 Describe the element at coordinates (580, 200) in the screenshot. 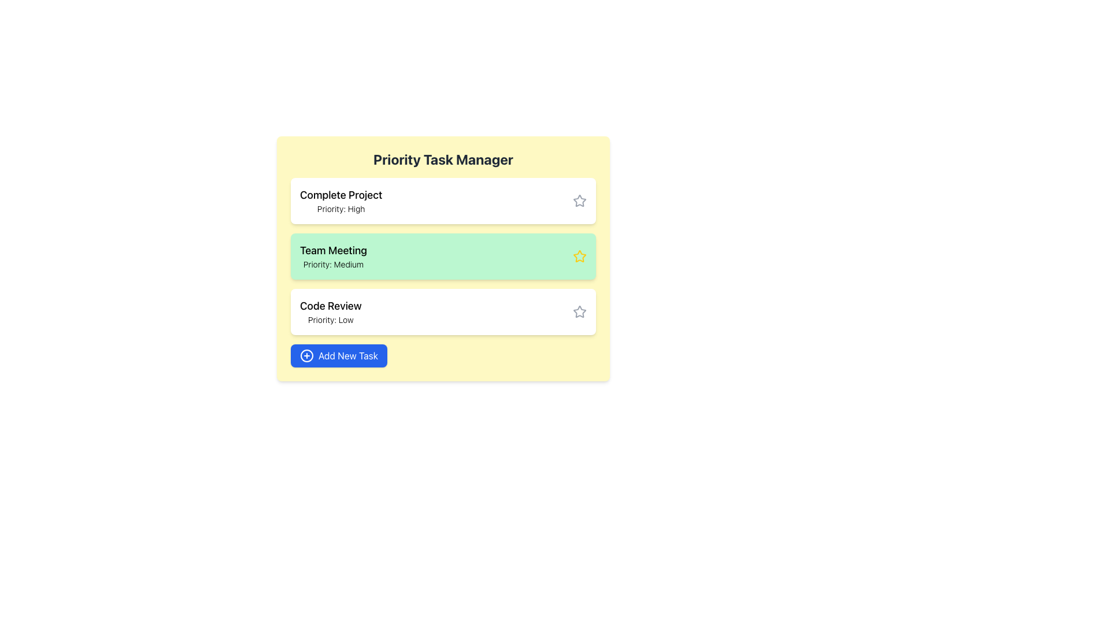

I see `the second star icon from the top` at that location.